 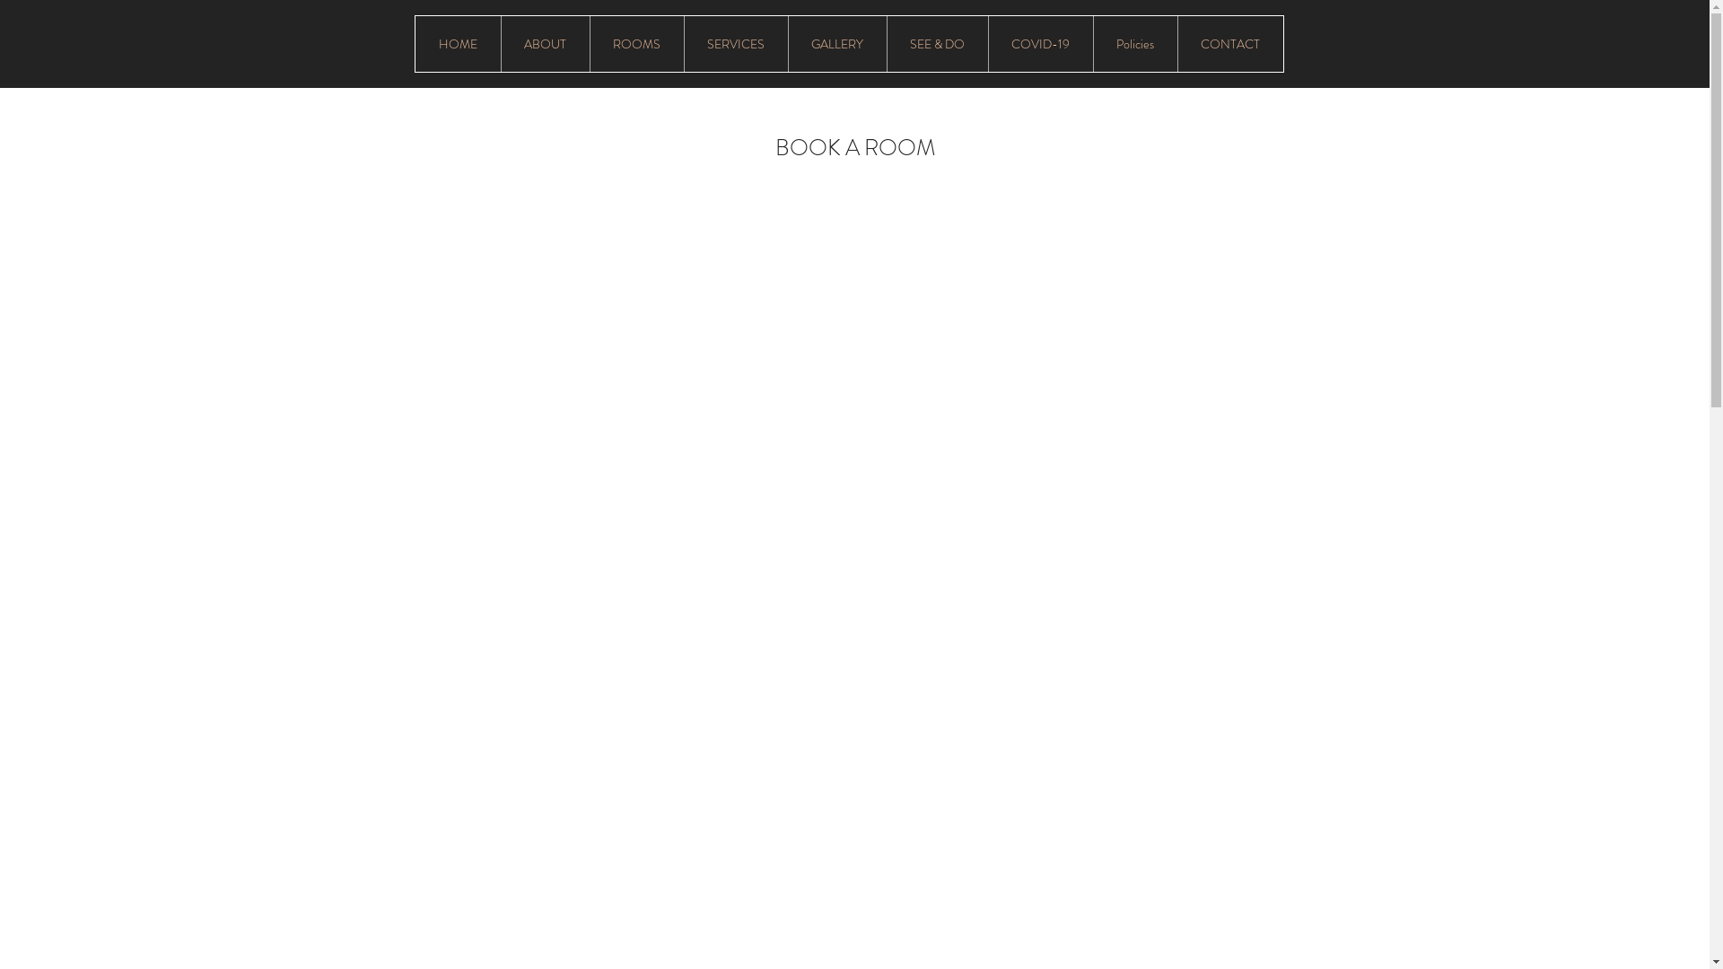 I want to click on 'CONTACT', so click(x=1229, y=43).